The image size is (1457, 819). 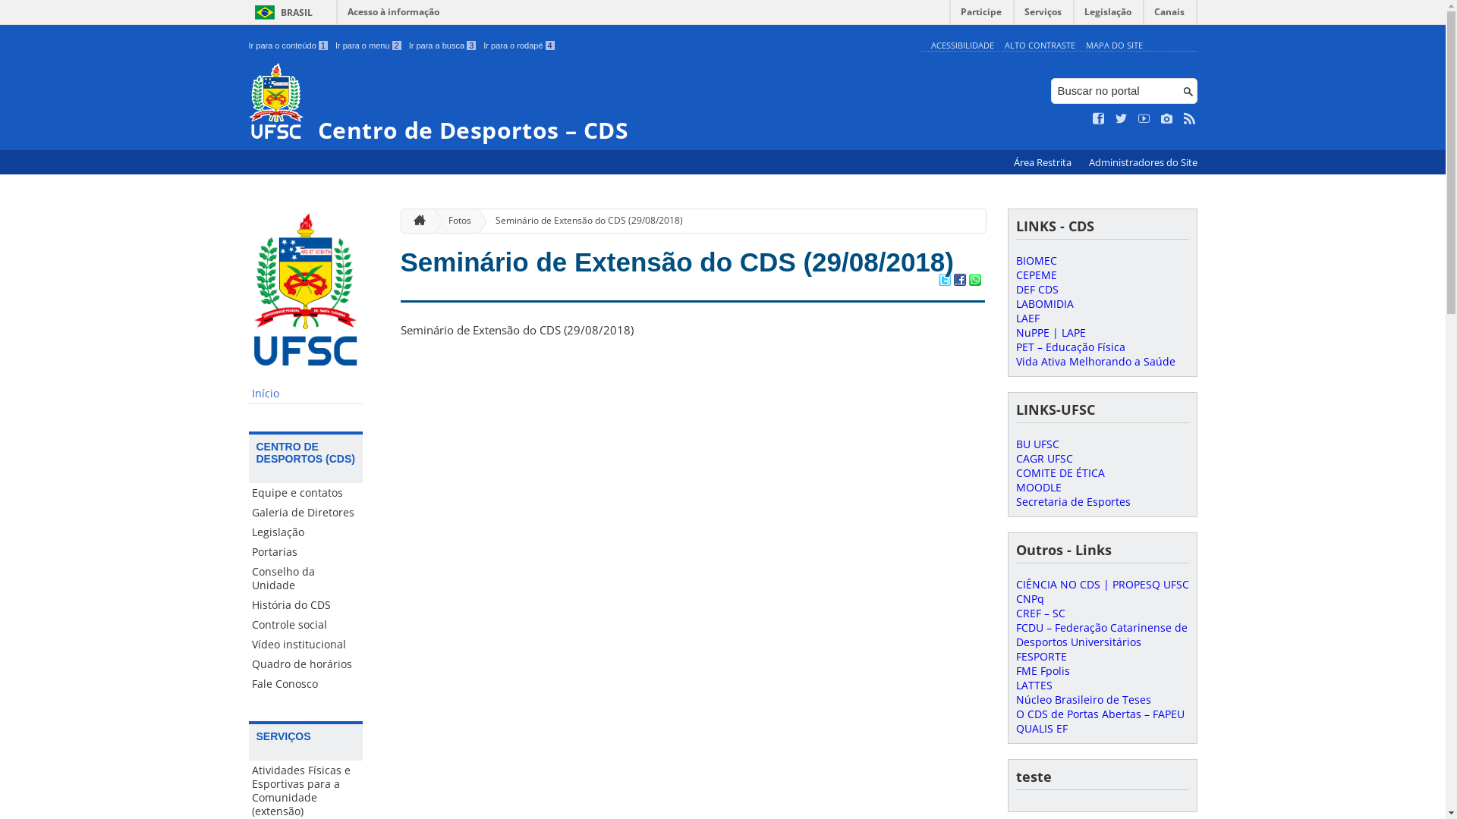 What do you see at coordinates (1036, 444) in the screenshot?
I see `'BU UFSC'` at bounding box center [1036, 444].